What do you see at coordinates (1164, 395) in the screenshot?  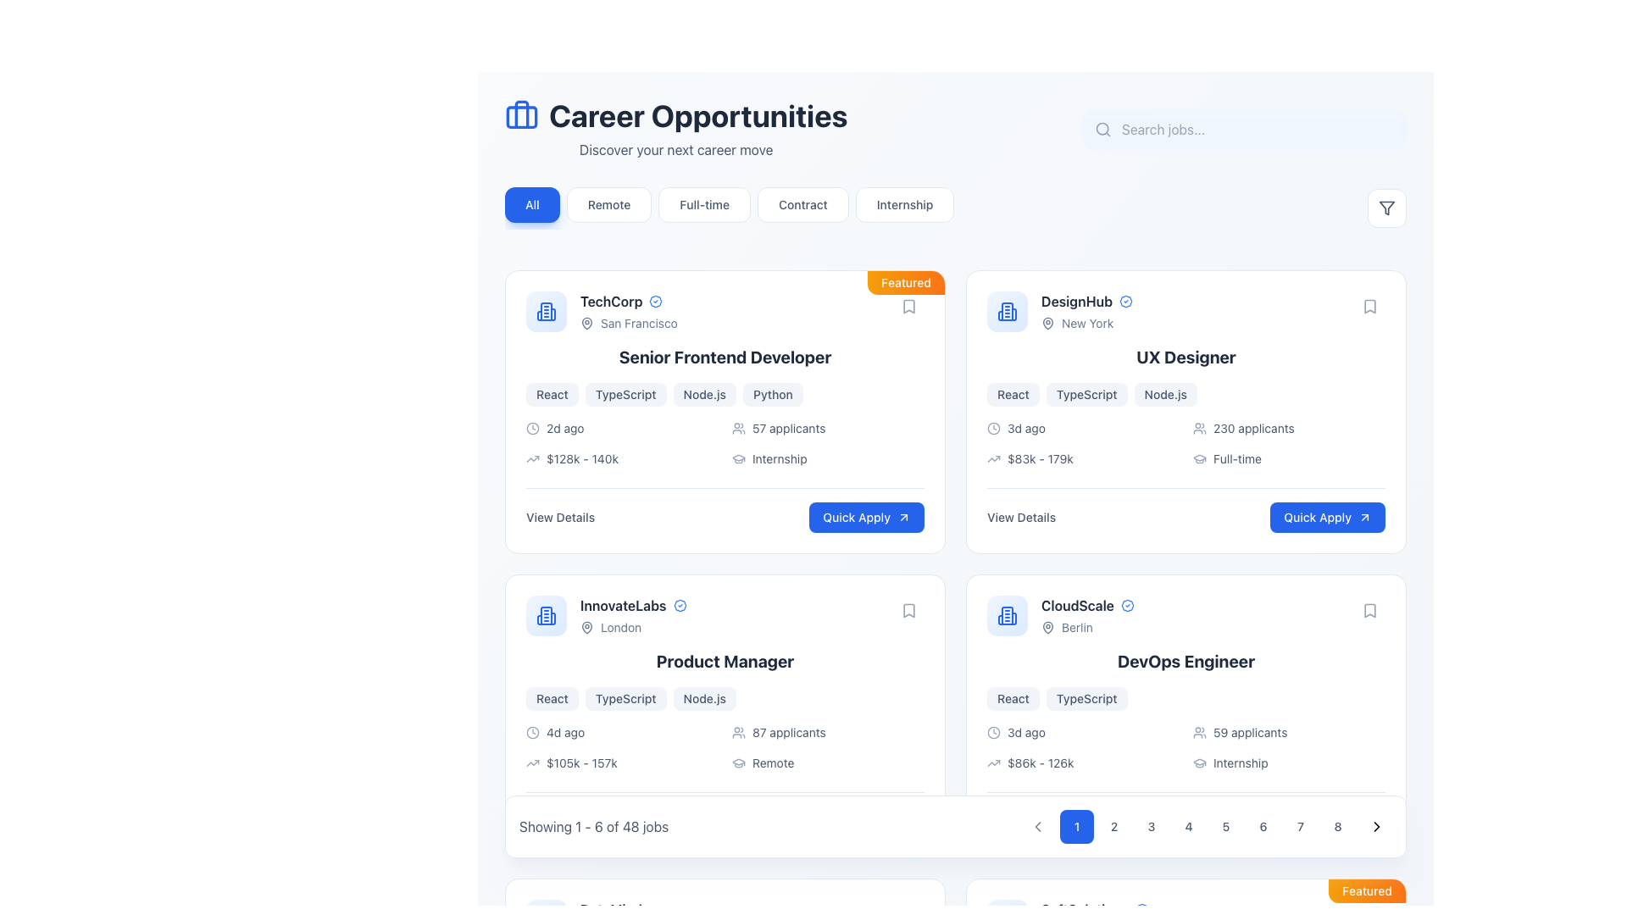 I see `the 'Node.js' tag, which is the third tag under the job title 'UX Designer' in the 'DesignHub' card` at bounding box center [1164, 395].